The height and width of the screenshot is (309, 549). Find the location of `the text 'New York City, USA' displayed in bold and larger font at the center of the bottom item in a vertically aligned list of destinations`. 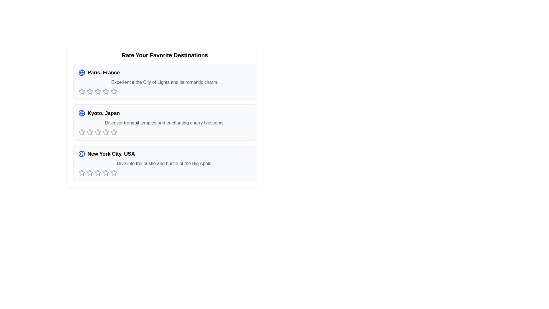

the text 'New York City, USA' displayed in bold and larger font at the center of the bottom item in a vertically aligned list of destinations is located at coordinates (111, 153).